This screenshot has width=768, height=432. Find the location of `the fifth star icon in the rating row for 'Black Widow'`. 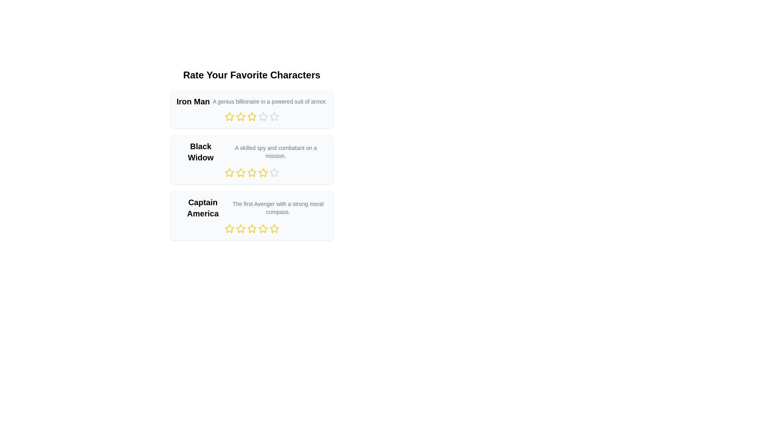

the fifth star icon in the rating row for 'Black Widow' is located at coordinates (251, 172).